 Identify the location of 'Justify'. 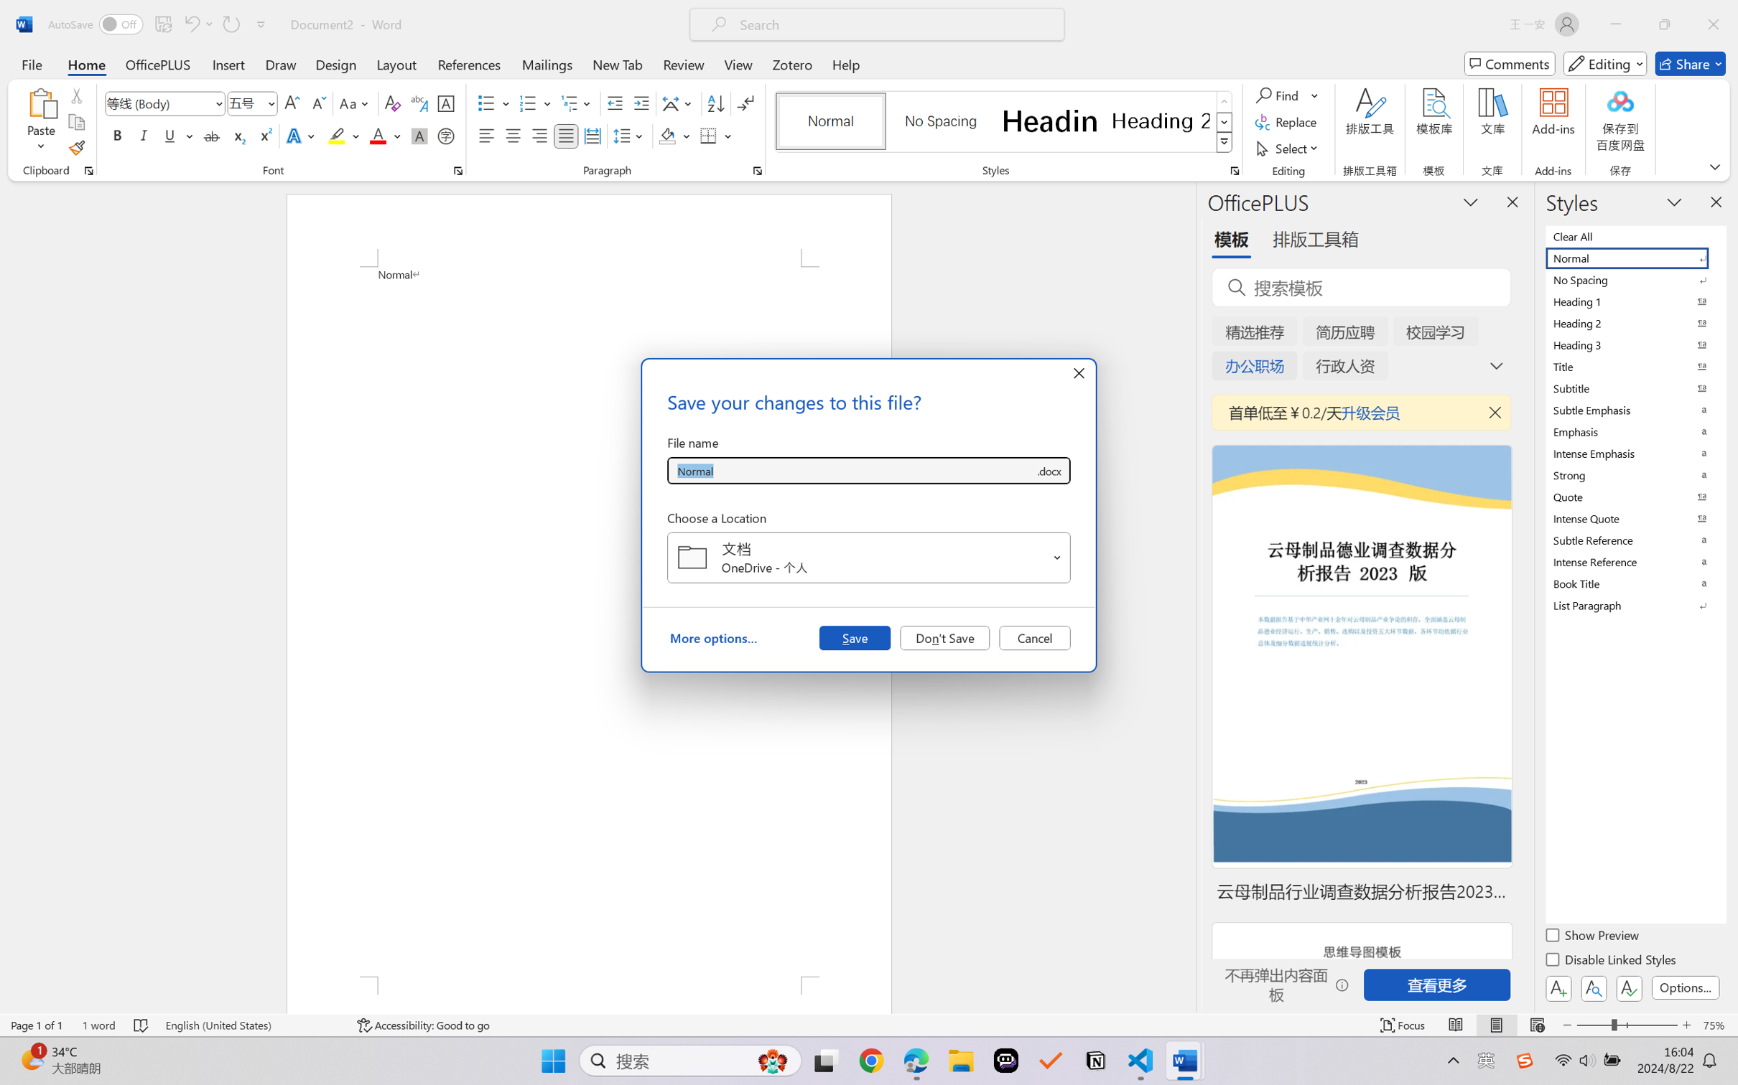
(565, 135).